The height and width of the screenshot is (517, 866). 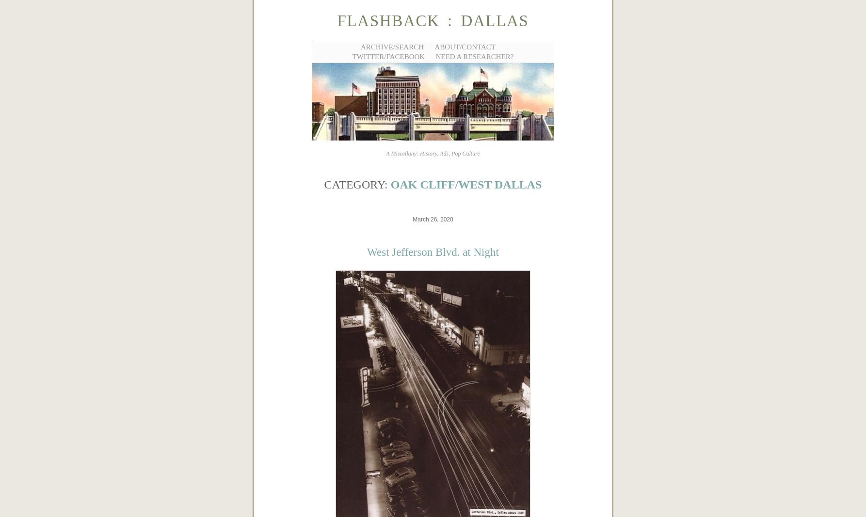 I want to click on 'About/Contact', so click(x=465, y=46).